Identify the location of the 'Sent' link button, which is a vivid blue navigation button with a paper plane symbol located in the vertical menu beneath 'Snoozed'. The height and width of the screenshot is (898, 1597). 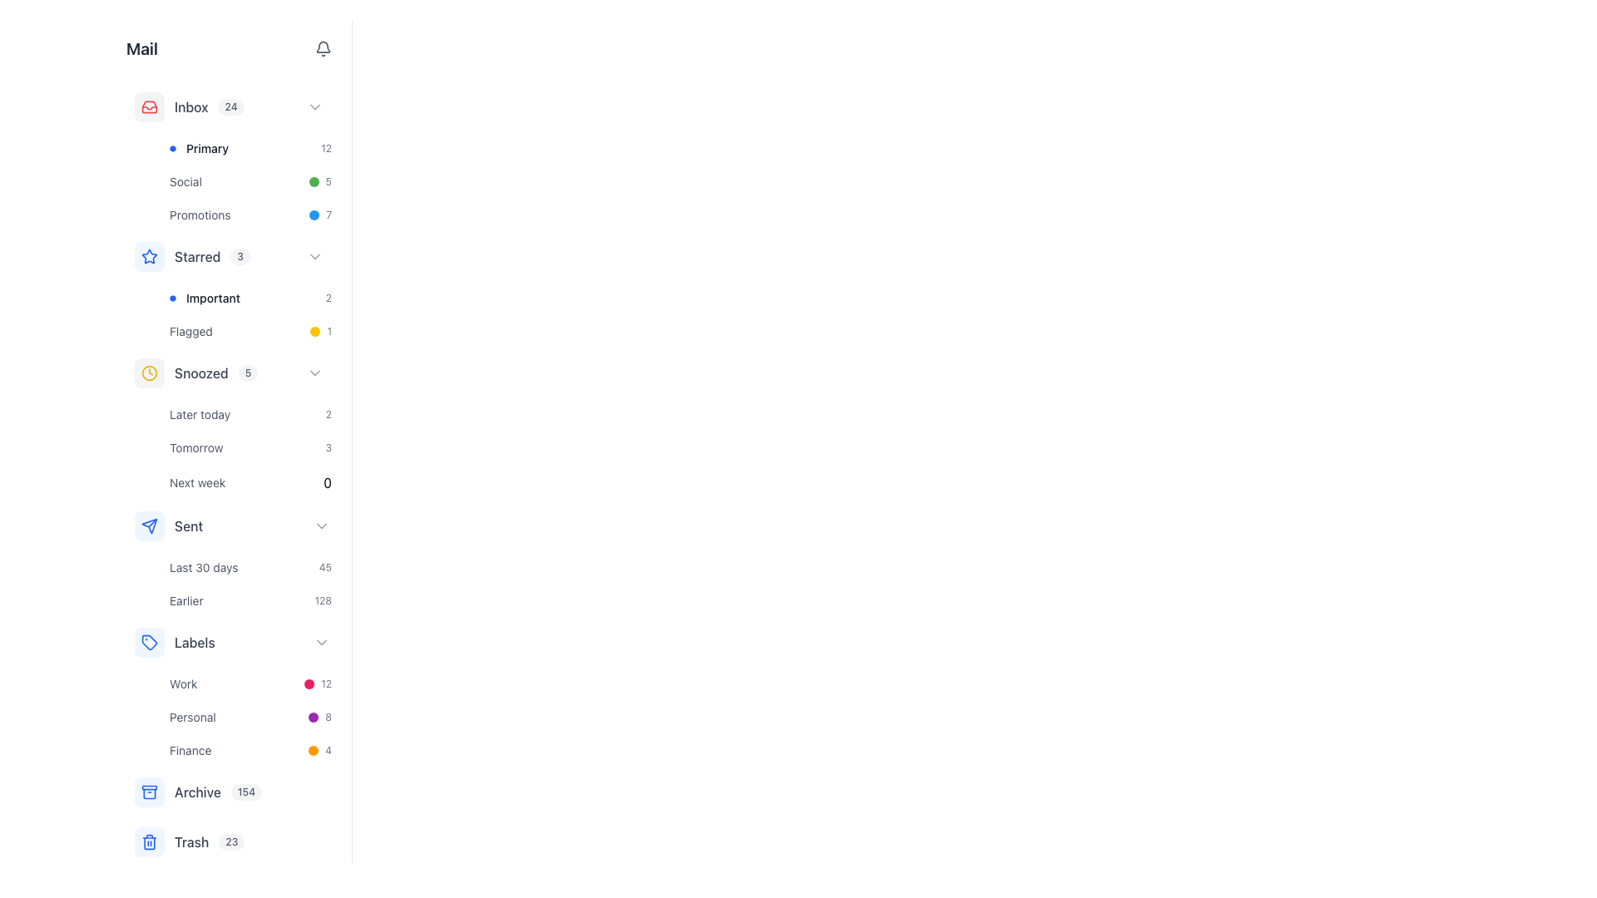
(169, 525).